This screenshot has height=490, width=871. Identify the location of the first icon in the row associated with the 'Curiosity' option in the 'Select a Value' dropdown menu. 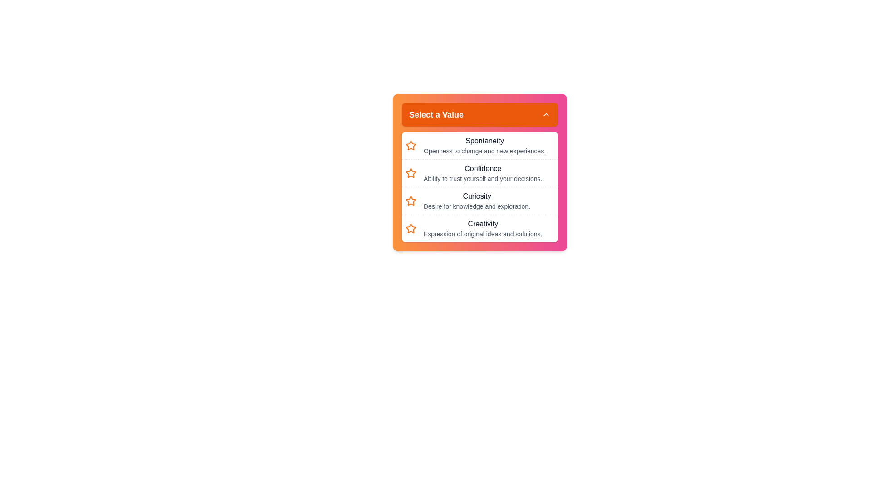
(411, 201).